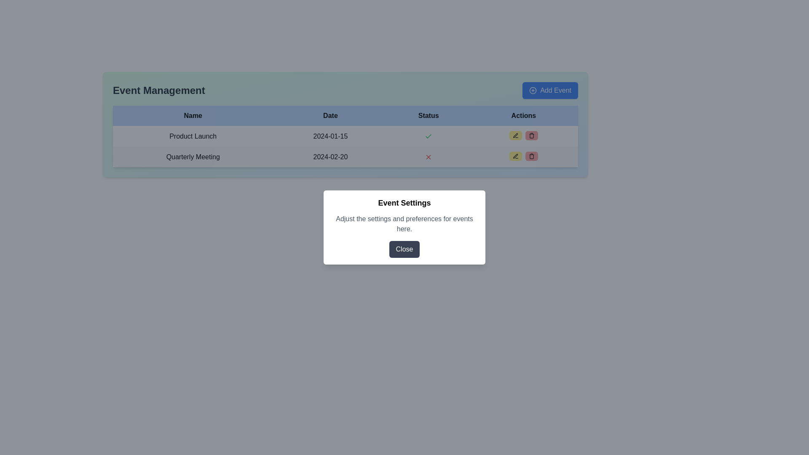 This screenshot has width=809, height=455. What do you see at coordinates (330, 115) in the screenshot?
I see `the 'Date' text label, which is a bold, black text on a blue background located in the header of a table layout, between the 'Name' and 'Status' headers` at bounding box center [330, 115].